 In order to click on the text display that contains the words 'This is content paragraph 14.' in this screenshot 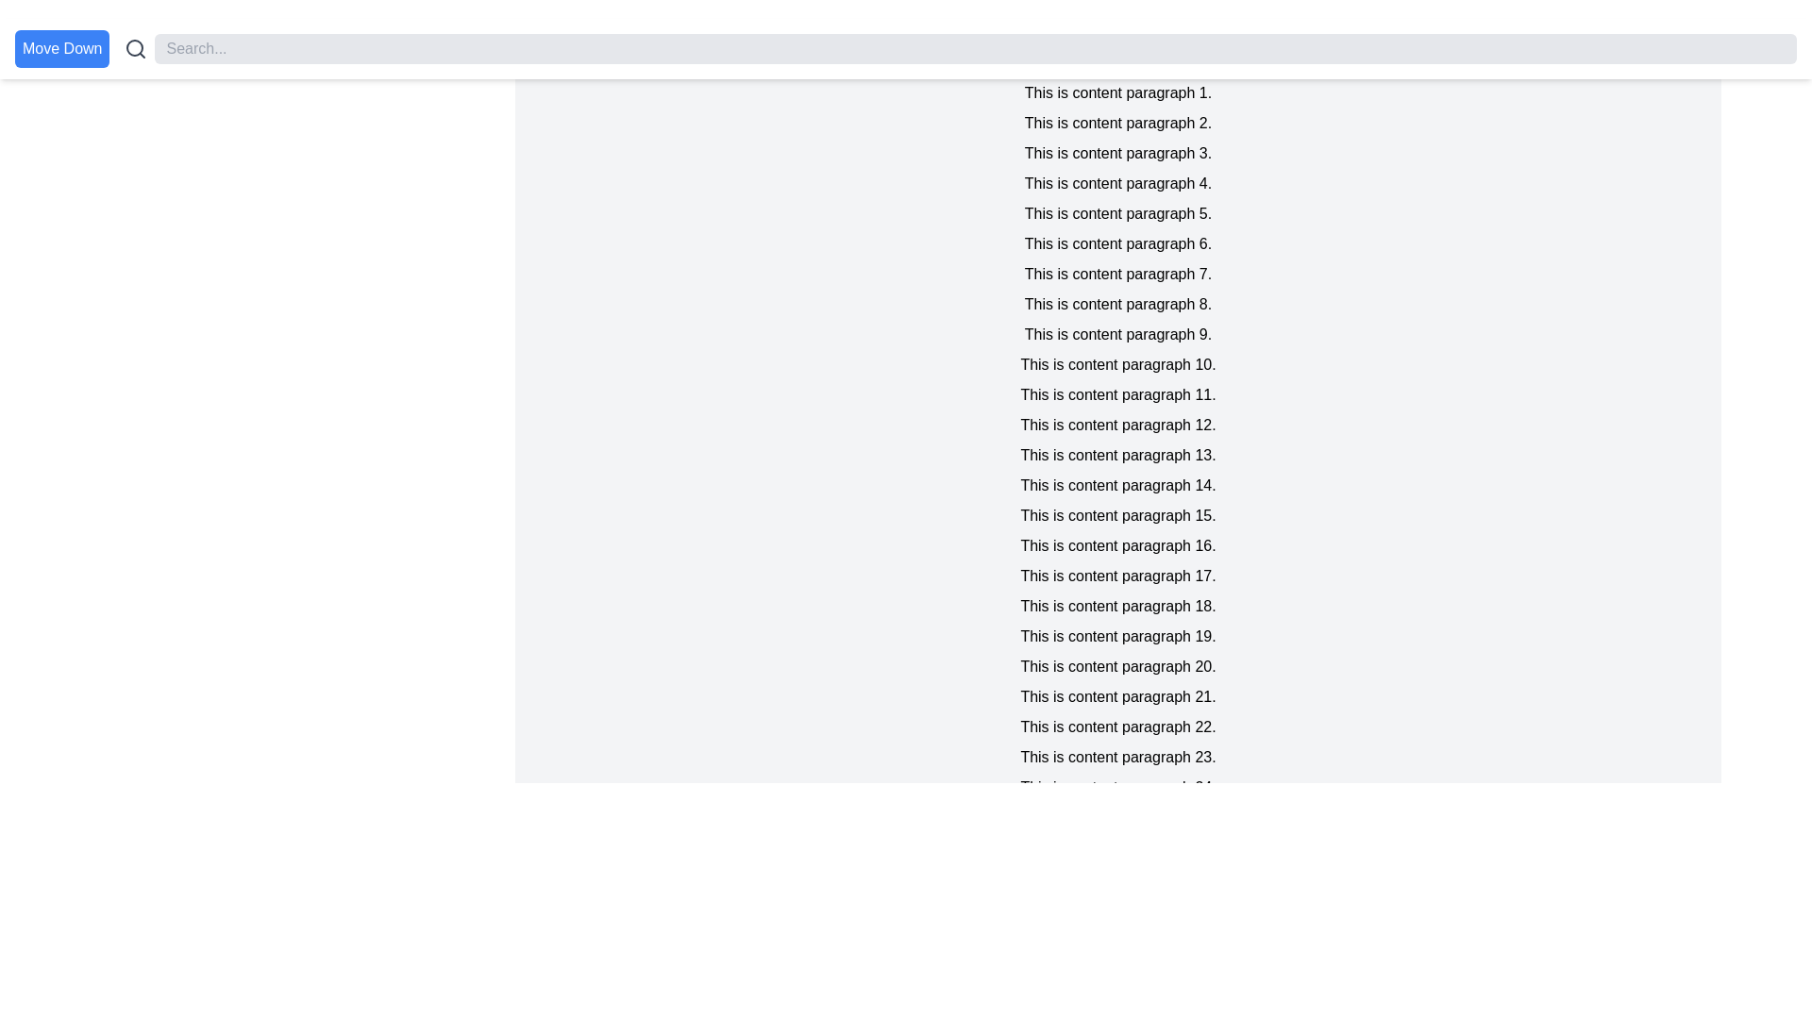, I will do `click(1118, 485)`.